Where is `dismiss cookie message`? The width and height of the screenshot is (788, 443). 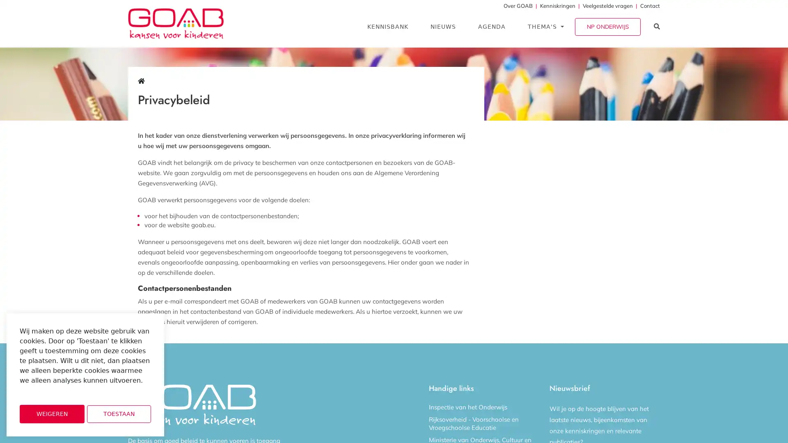 dismiss cookie message is located at coordinates (51, 414).